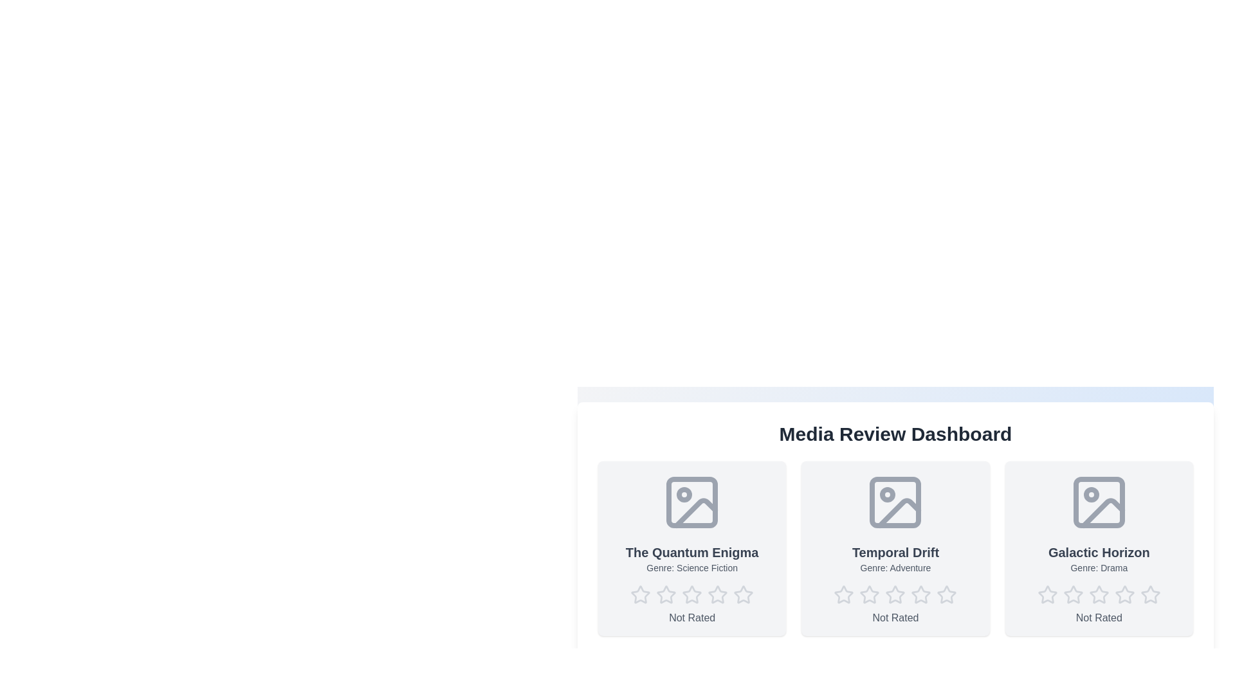 The height and width of the screenshot is (694, 1235). Describe the element at coordinates (870, 594) in the screenshot. I see `the star corresponding to the desired rating 2 for the media item Temporal Drift` at that location.